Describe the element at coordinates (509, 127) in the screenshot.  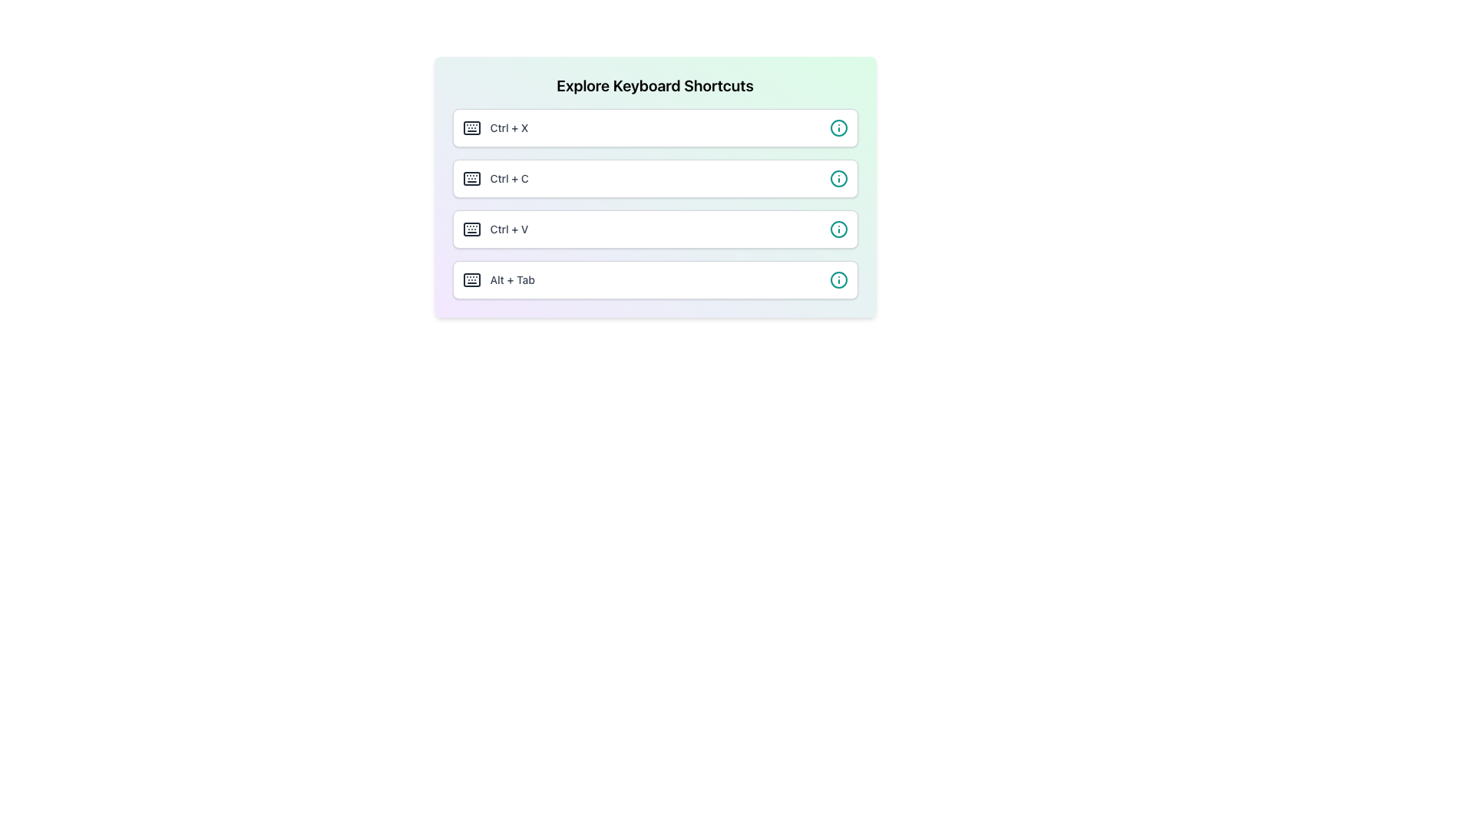
I see `the static text element displaying the keyboard shortcut for cutting content, which indicates 'Ctrl + X' and is the first item in the 'Keyboard Shortcuts' panel` at that location.